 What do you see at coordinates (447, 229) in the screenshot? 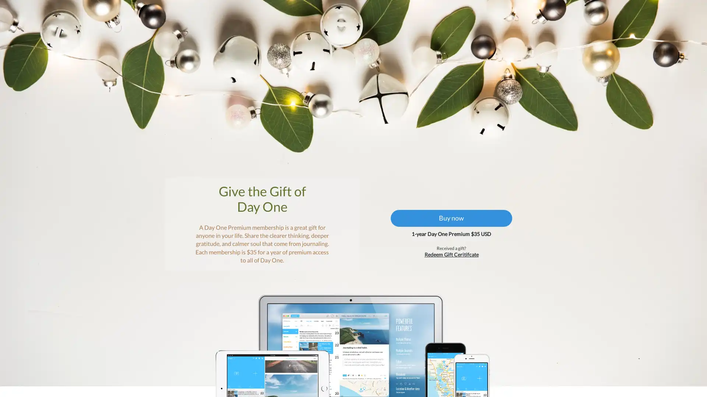
I see `Buy now` at bounding box center [447, 229].